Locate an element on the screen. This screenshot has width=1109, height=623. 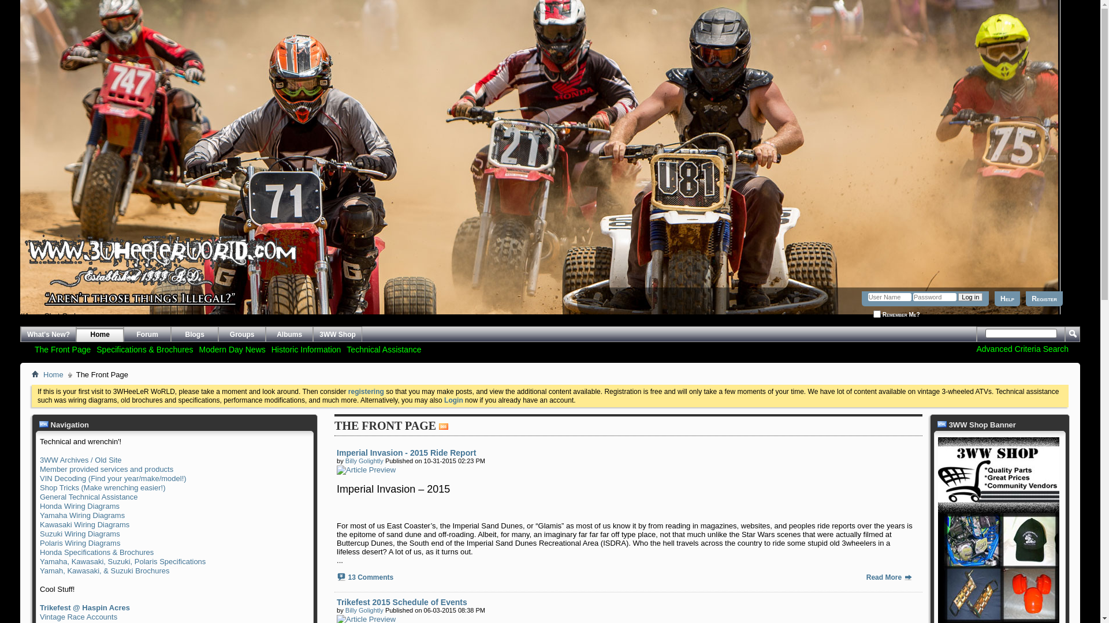
'Yamaha Wiring Diagrams' is located at coordinates (81, 515).